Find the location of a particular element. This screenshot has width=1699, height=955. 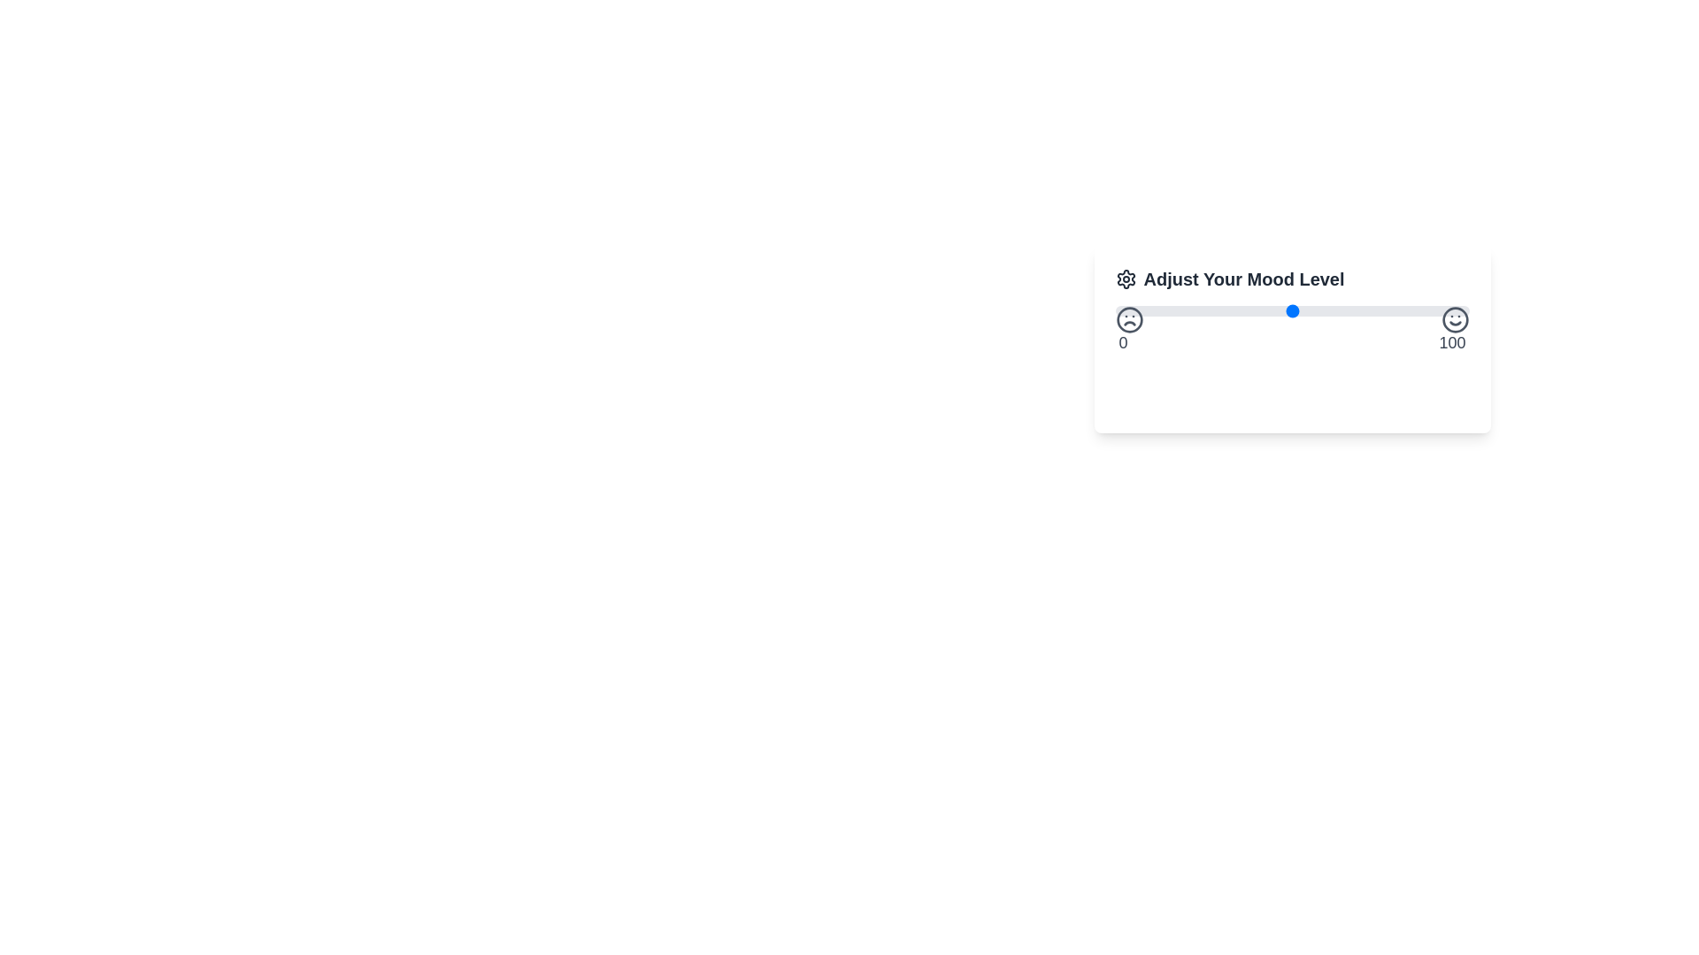

the gear-shaped icon located to the left of the text 'Adjust Your Mood Level' is located at coordinates (1125, 279).